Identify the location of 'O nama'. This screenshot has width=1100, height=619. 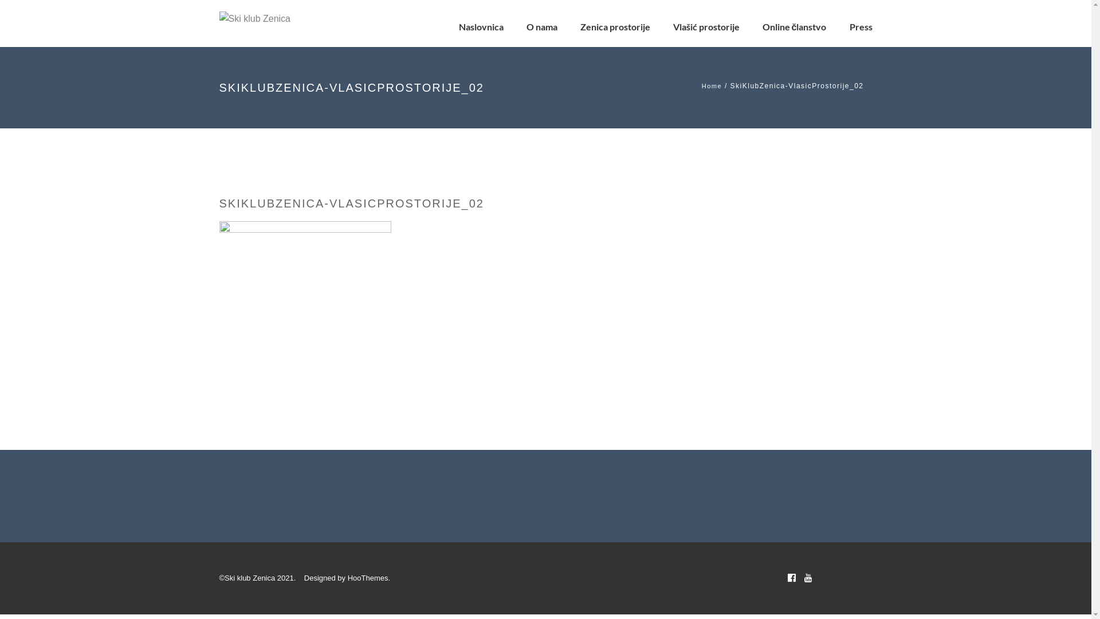
(525, 26).